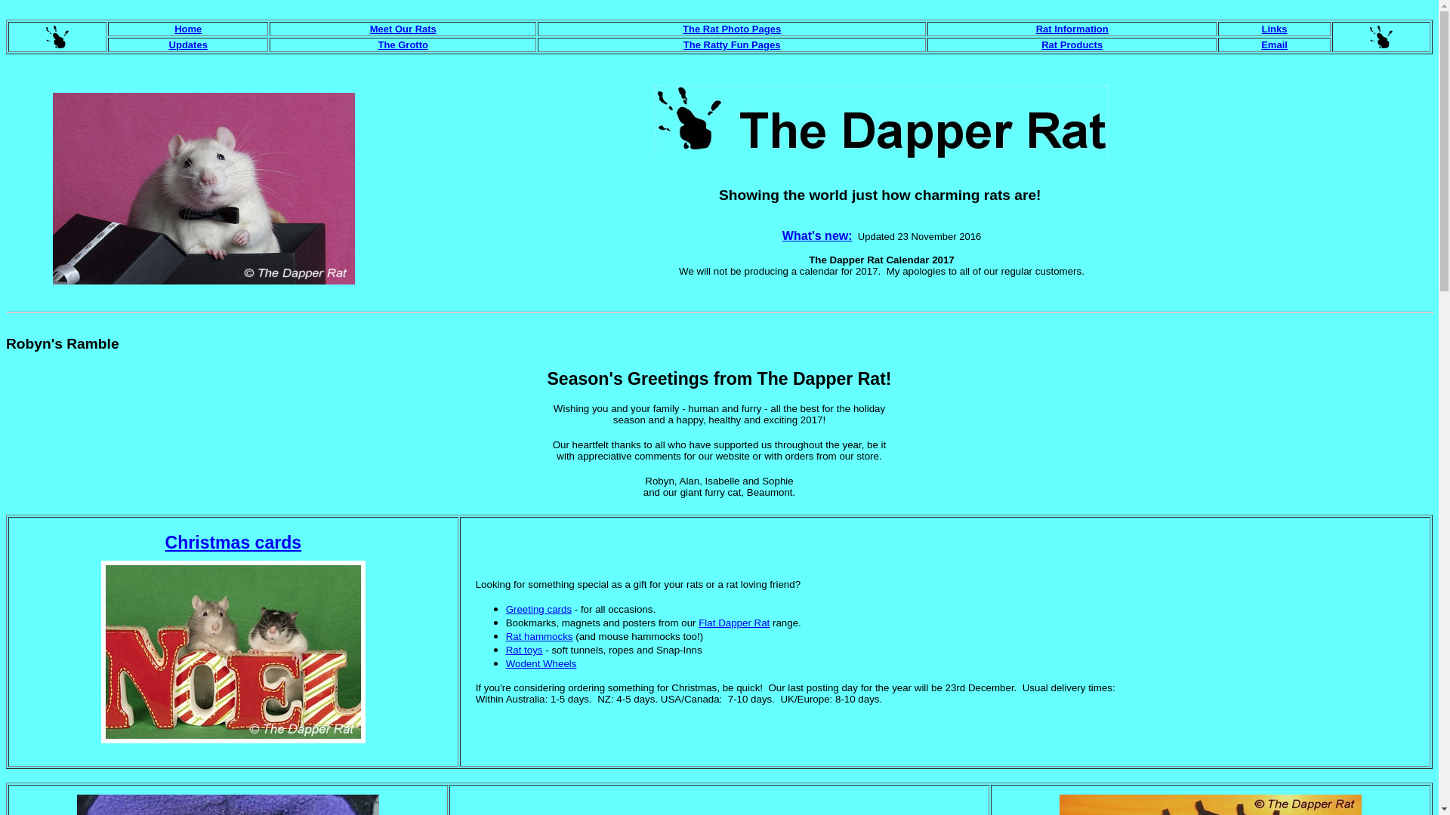  What do you see at coordinates (782, 235) in the screenshot?
I see `'What's new:'` at bounding box center [782, 235].